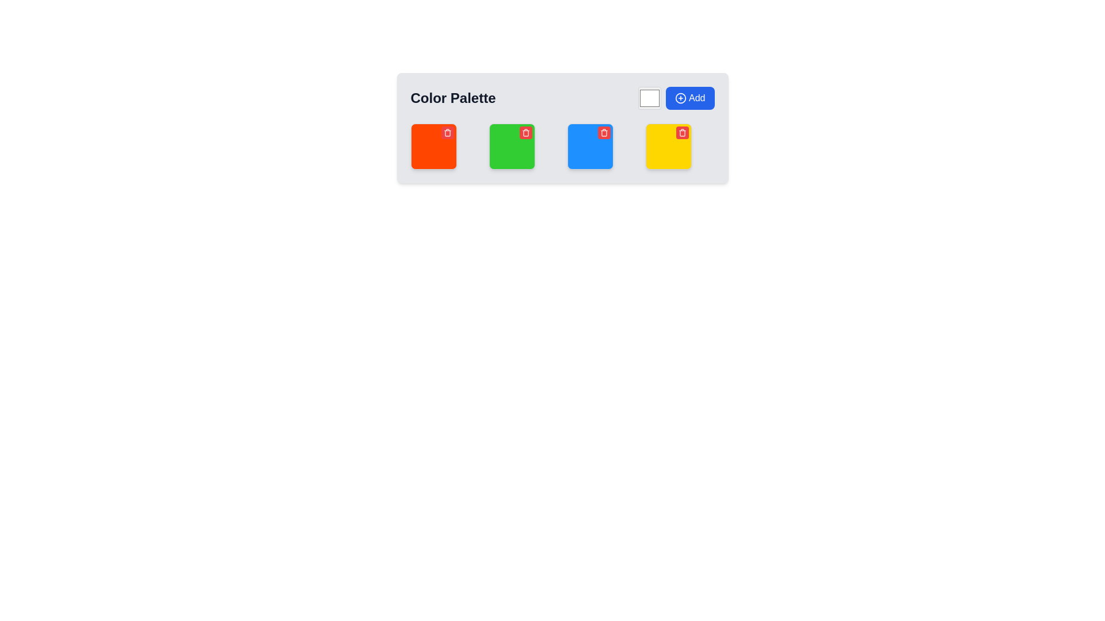 The width and height of the screenshot is (1105, 621). I want to click on the red circular delete button with a white trash icon located in the top-right corner of the third tile in the color palette interface, so click(603, 132).